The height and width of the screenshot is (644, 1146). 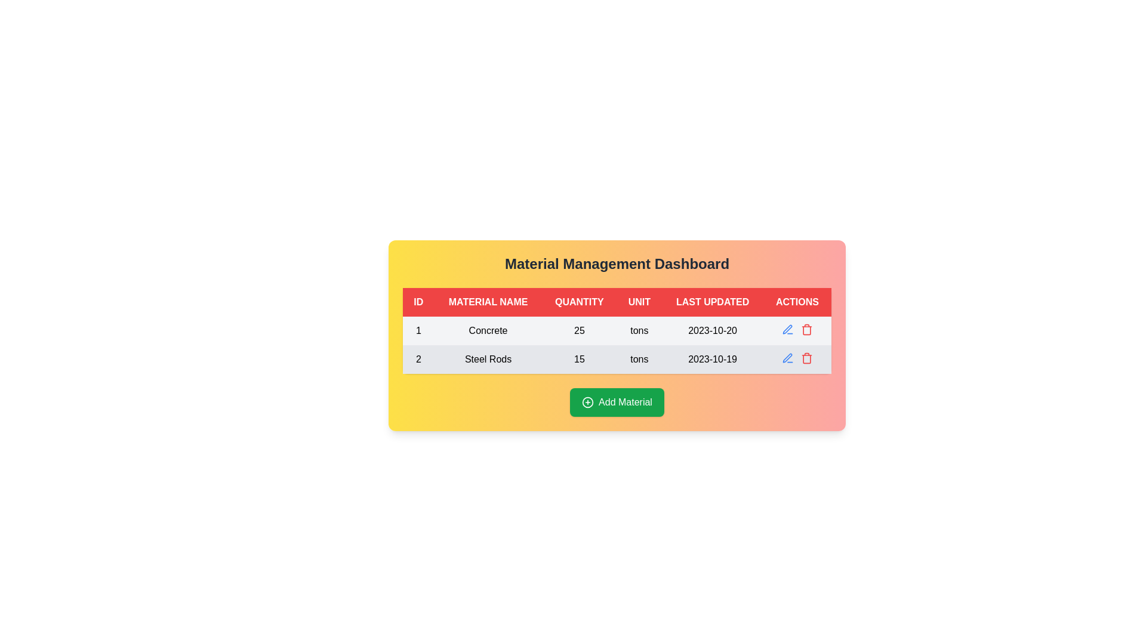 I want to click on the 'tons' text label in the 'UNIT' column of the table row for 'Steel Rods' in the material management dashboard, so click(x=639, y=358).